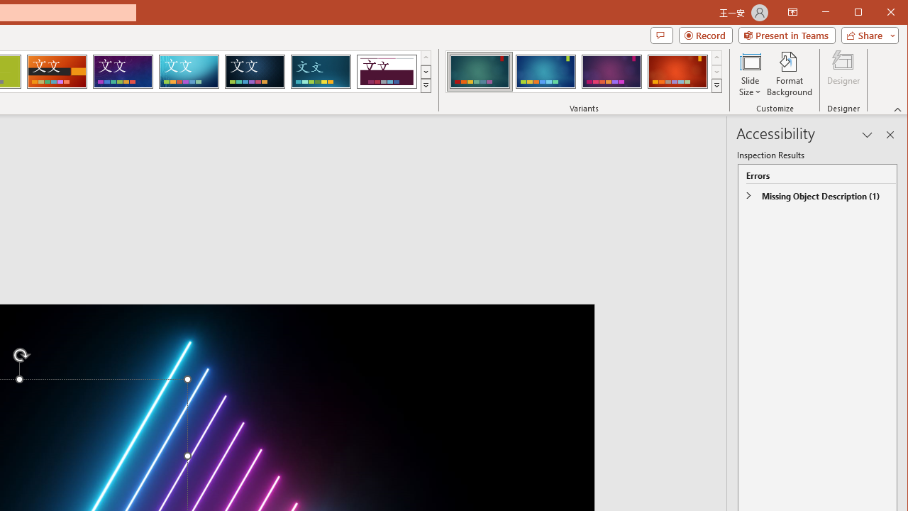  Describe the element at coordinates (677, 71) in the screenshot. I see `'Ion Variant 4'` at that location.